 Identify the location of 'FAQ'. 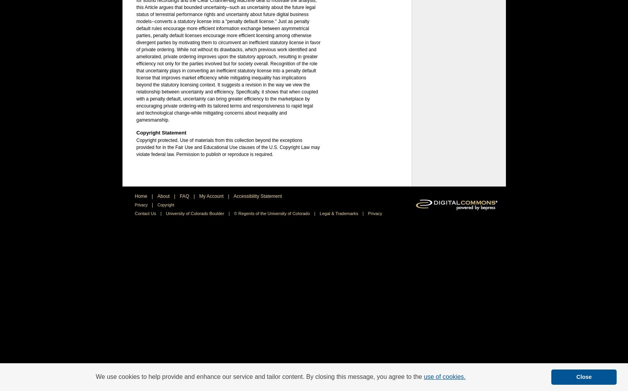
(185, 196).